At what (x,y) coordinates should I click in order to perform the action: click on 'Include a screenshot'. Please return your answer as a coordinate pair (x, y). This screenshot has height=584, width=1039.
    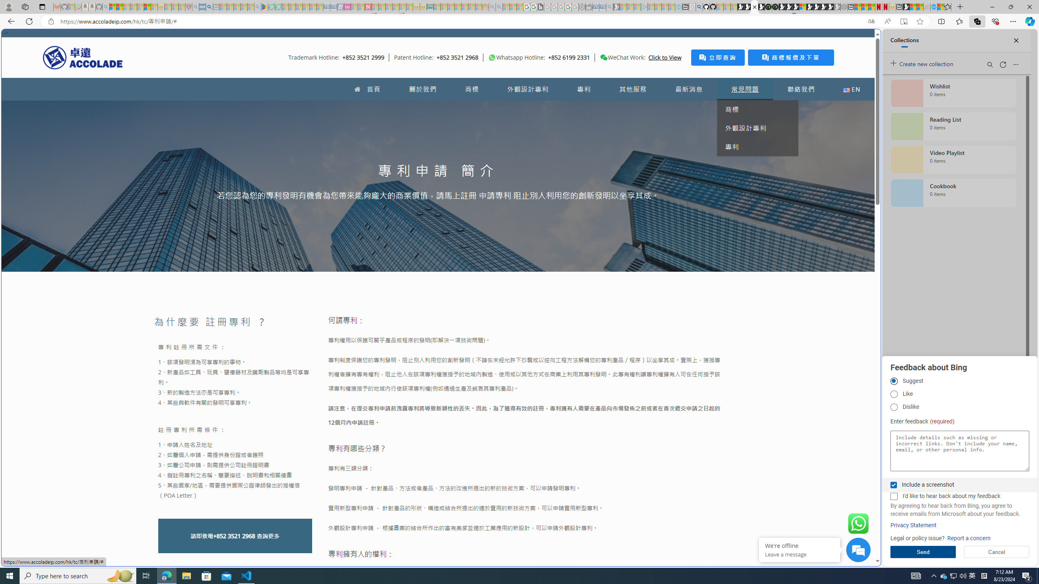
    Looking at the image, I should click on (893, 484).